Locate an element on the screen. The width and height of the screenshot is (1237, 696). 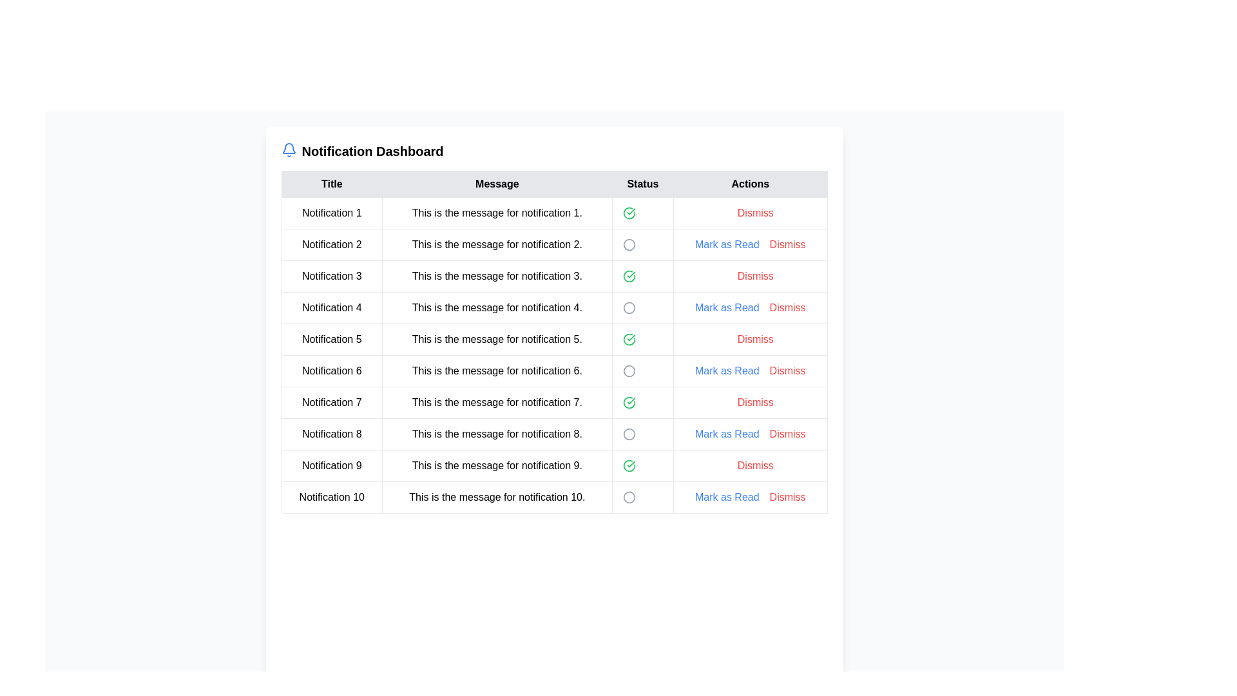
the 'Notification 7' text cell in the notification table to focus on the element is located at coordinates (331, 401).